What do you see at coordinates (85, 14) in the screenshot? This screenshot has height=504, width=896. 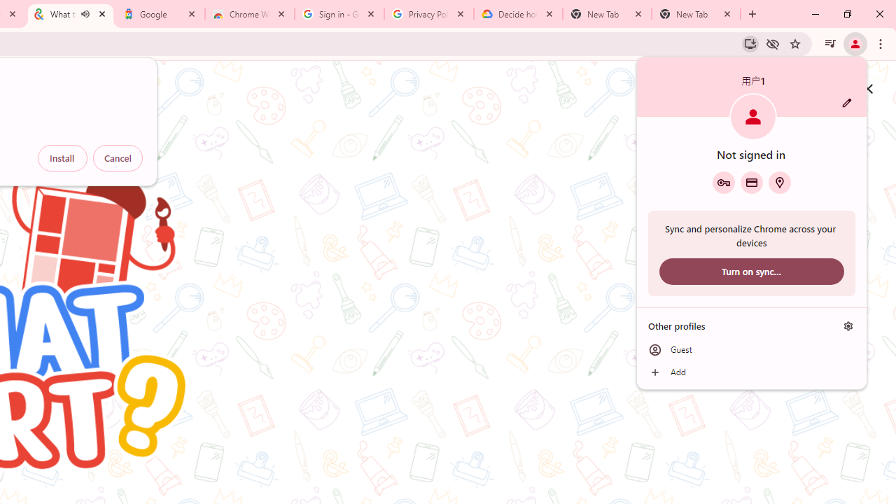 I see `'Mute tab'` at bounding box center [85, 14].